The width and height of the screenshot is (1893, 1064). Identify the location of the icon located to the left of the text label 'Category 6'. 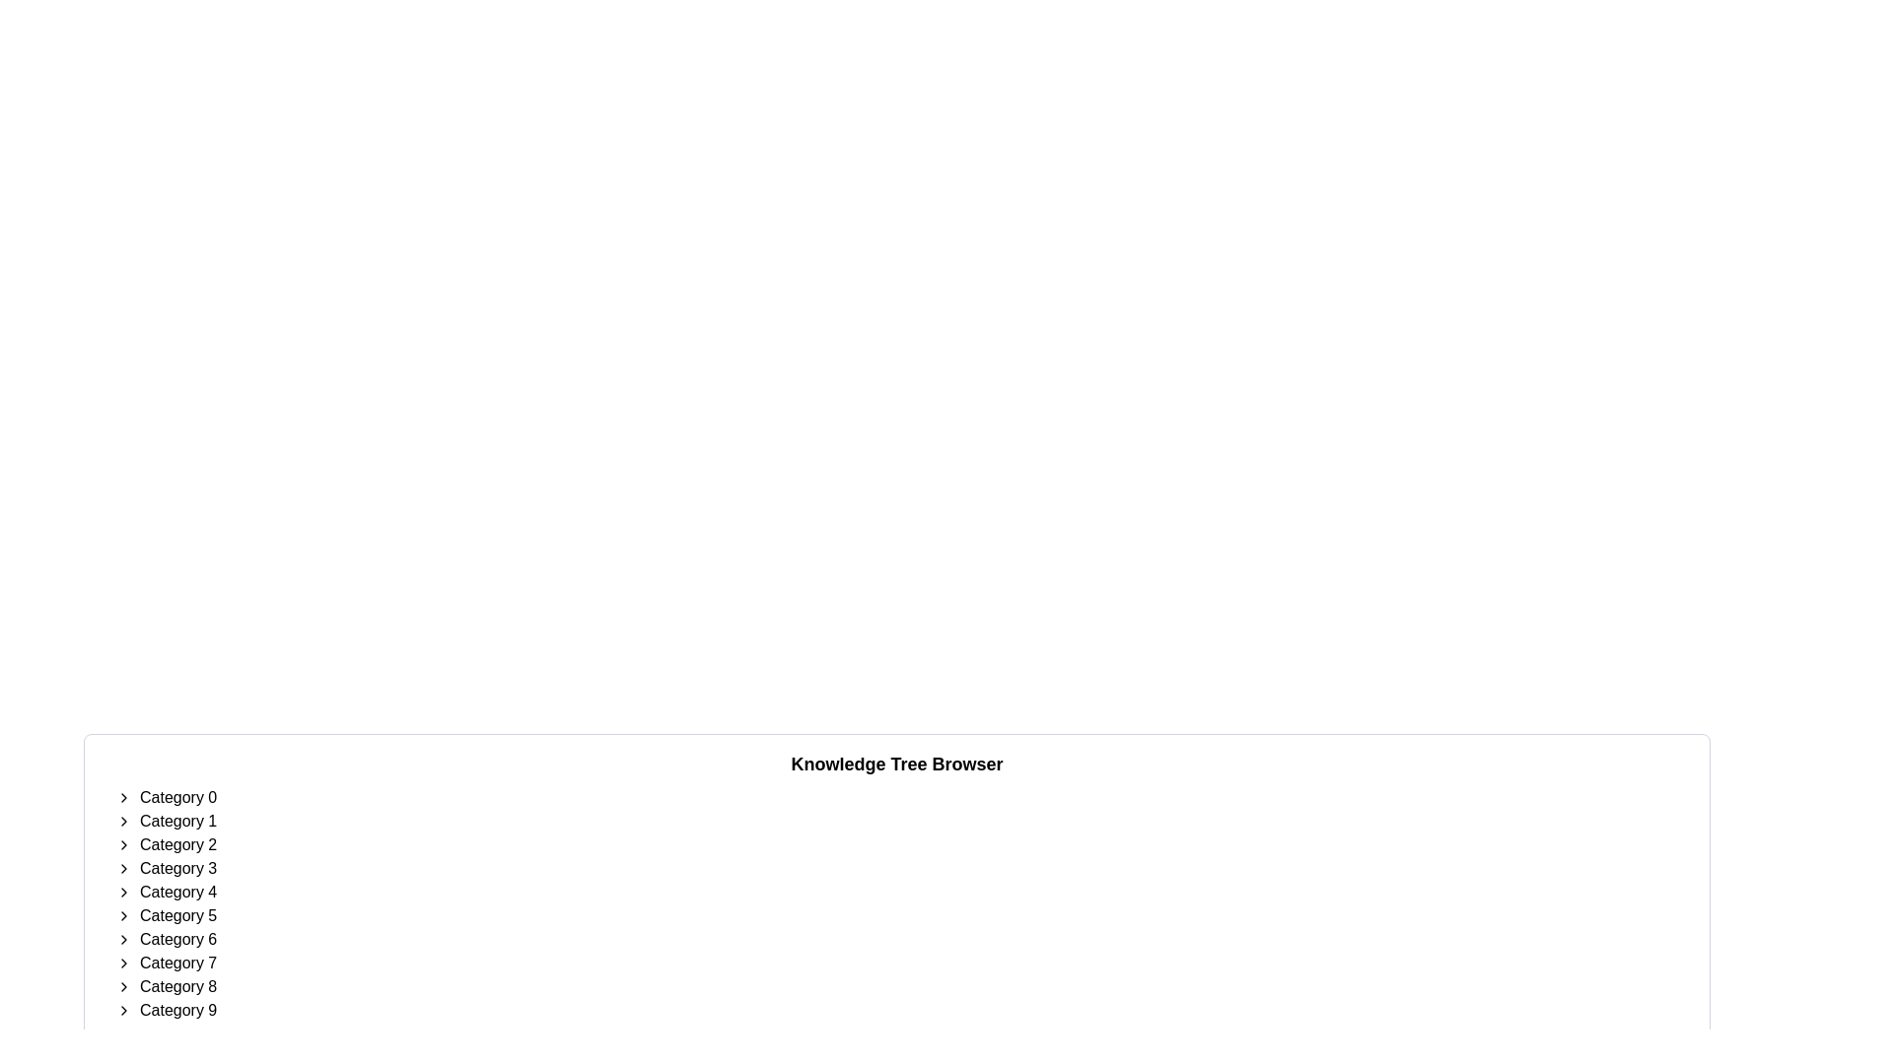
(122, 938).